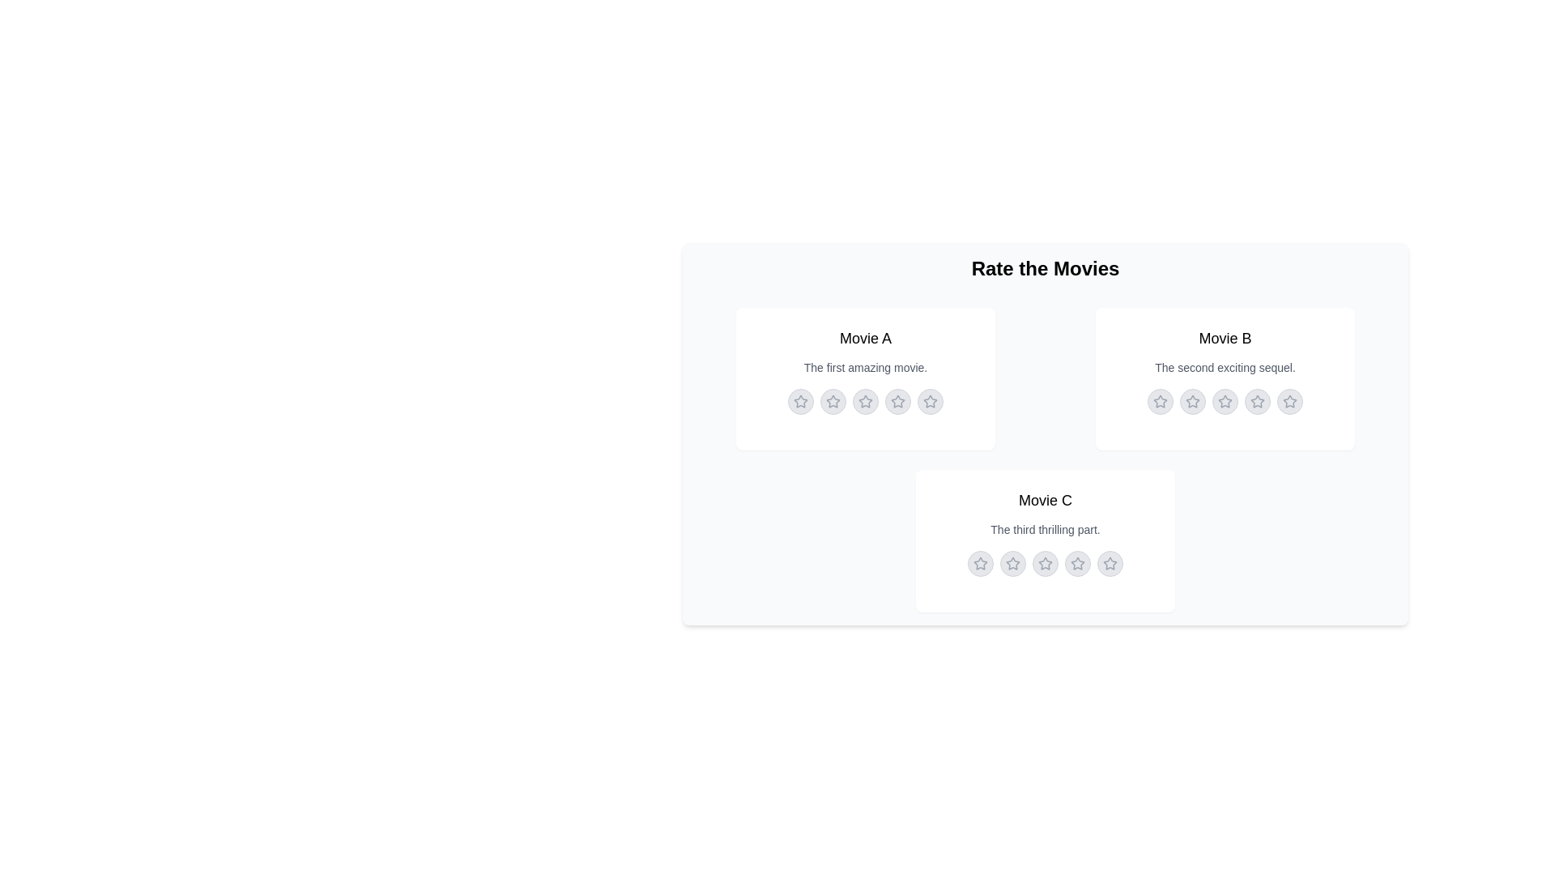  Describe the element at coordinates (1257, 401) in the screenshot. I see `the fourth star icon in the rating system, located under the text 'Movie B The second exciting sequel'` at that location.